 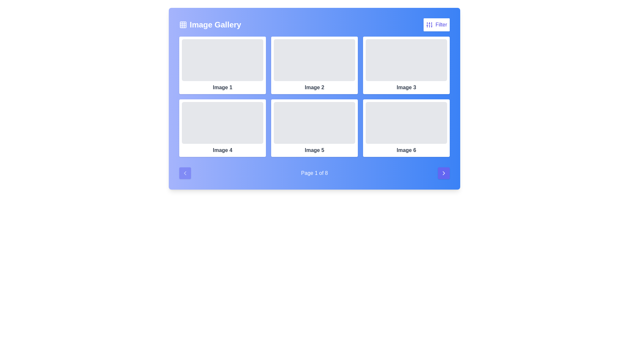 What do you see at coordinates (314, 128) in the screenshot?
I see `the Card component representing 'Image 5' in the middle column of the second row in the gallery` at bounding box center [314, 128].